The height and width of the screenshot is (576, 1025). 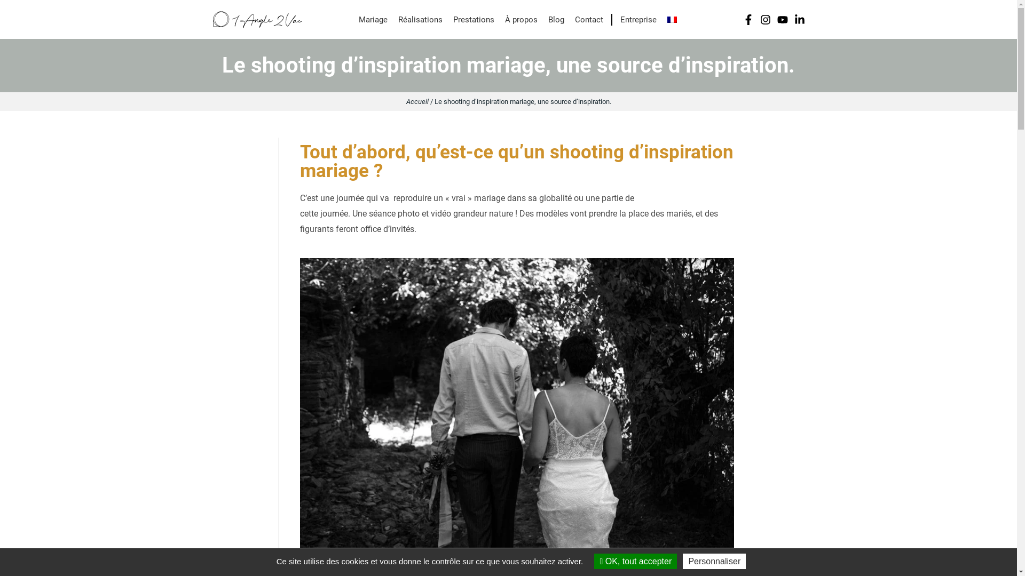 I want to click on 'Blog', so click(x=555, y=20).